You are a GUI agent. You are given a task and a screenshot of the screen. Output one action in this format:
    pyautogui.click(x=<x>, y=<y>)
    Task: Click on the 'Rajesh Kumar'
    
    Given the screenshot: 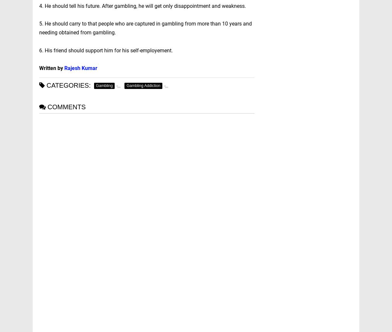 What is the action you would take?
    pyautogui.click(x=80, y=68)
    